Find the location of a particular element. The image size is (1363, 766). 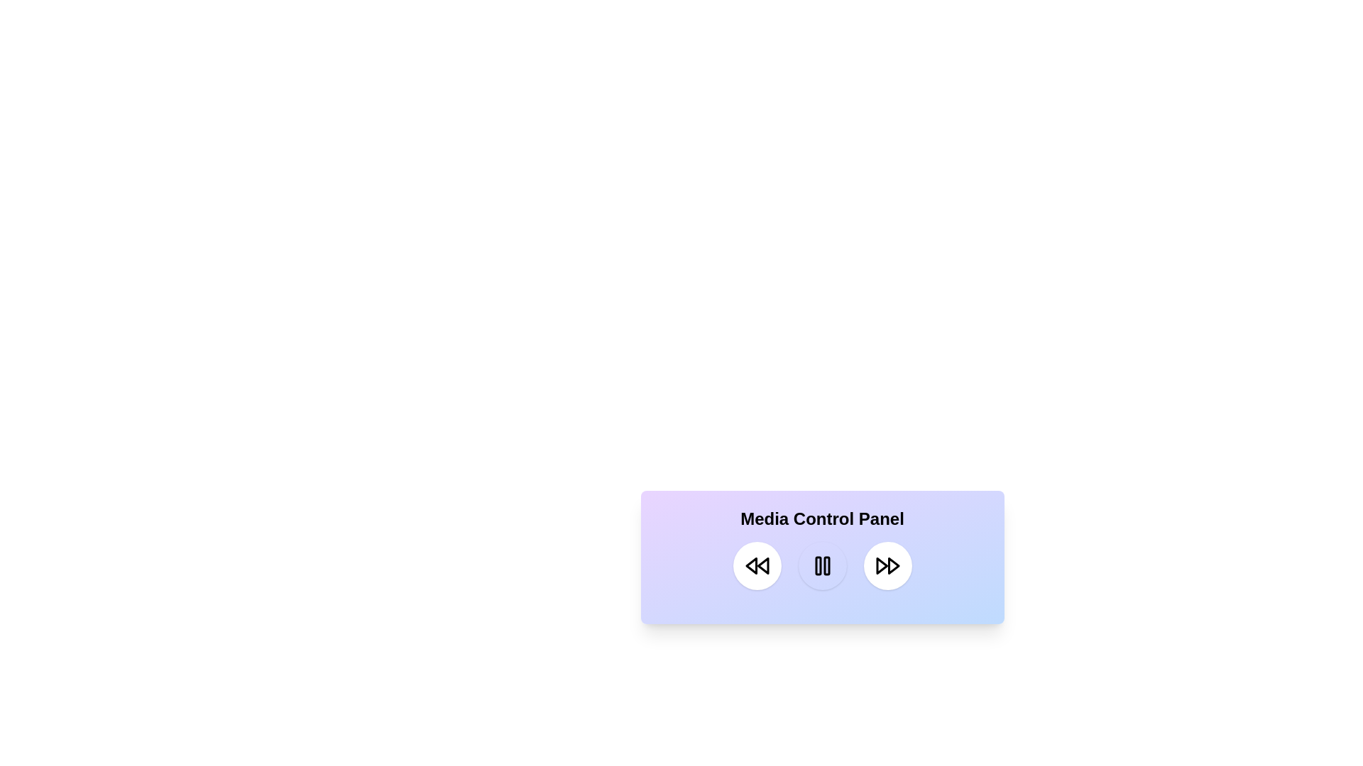

the fast-forward button located at the far right of the media control panel is located at coordinates (887, 565).